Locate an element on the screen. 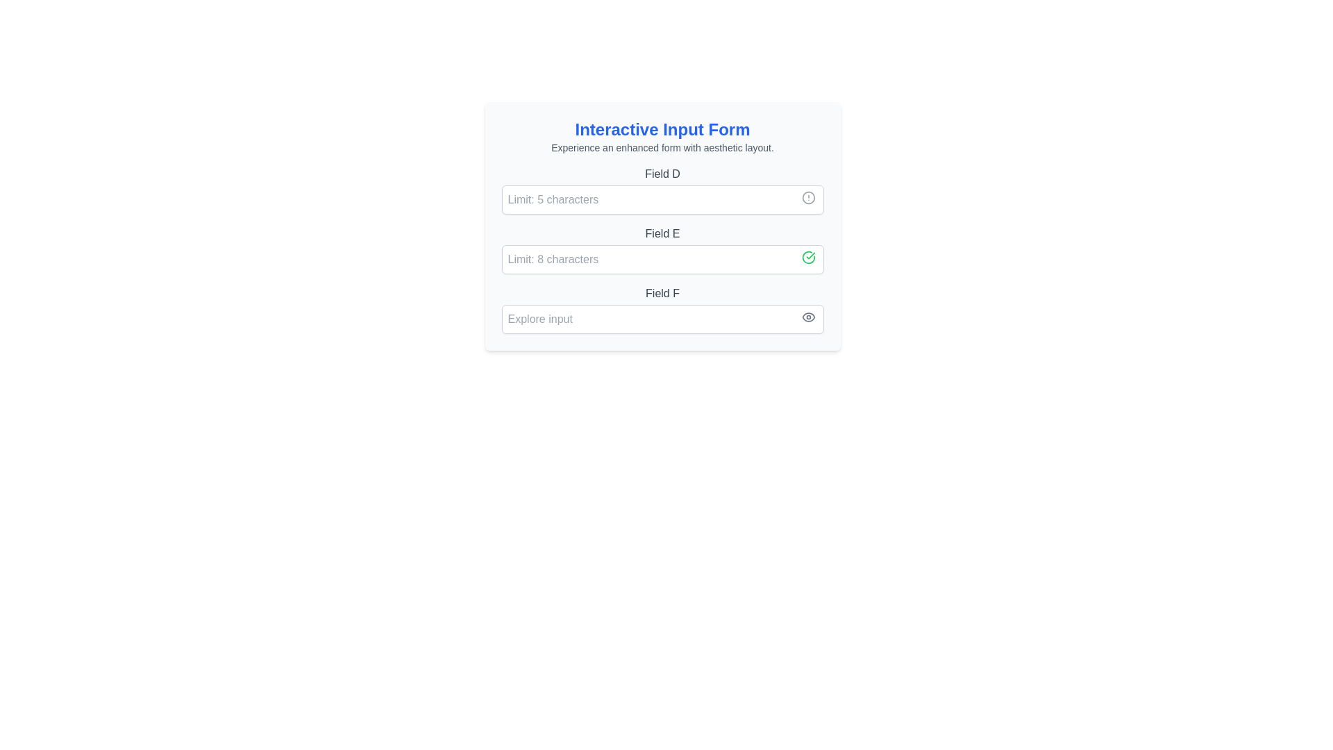 The height and width of the screenshot is (750, 1333). the 'Field F' text label, which is styled with a medium-weight gray font and positioned centrally in the input form, below 'Field E' and above the 'Explore input' field is located at coordinates (662, 293).